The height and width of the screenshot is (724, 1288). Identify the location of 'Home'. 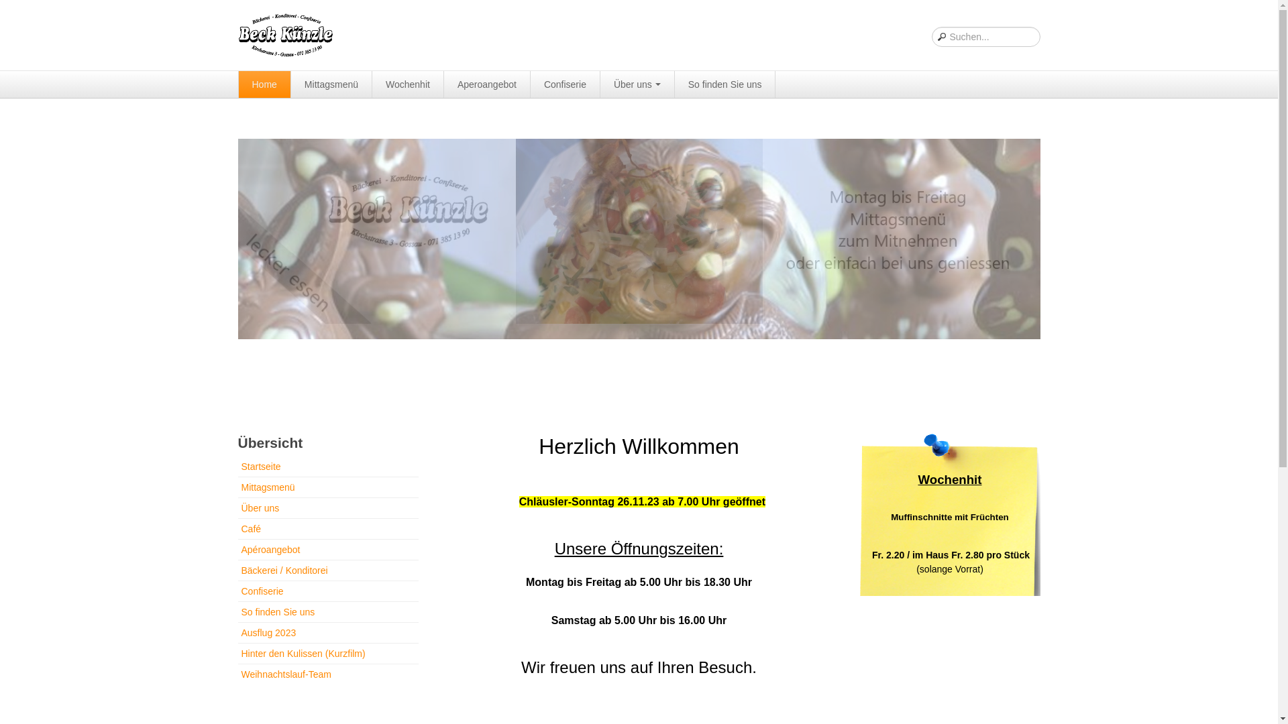
(264, 84).